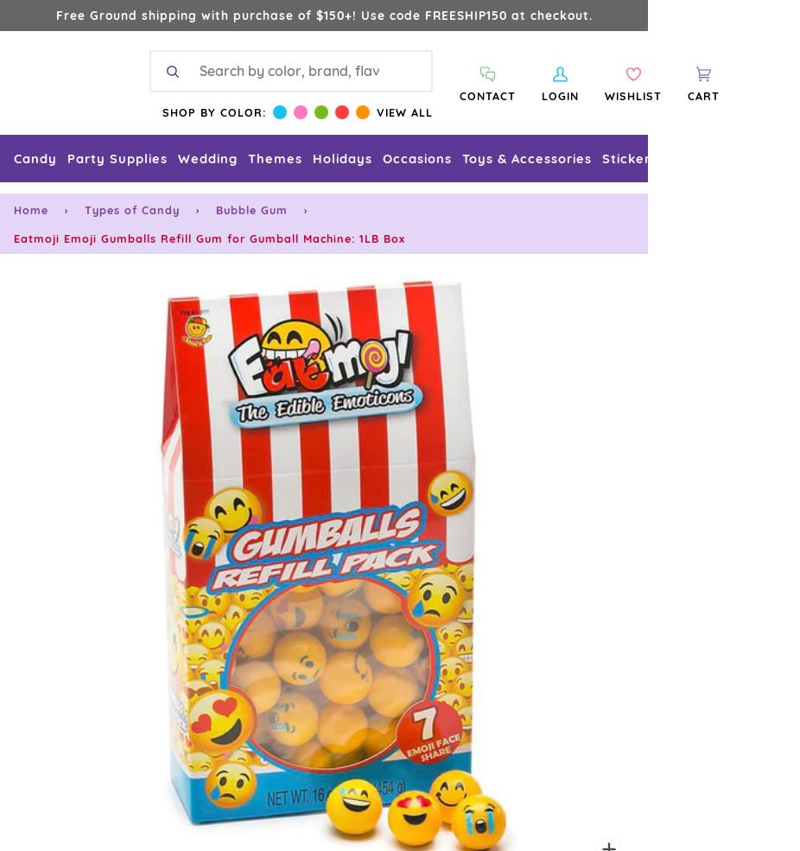  What do you see at coordinates (73, 328) in the screenshot?
I see `'Candy Warehouse'` at bounding box center [73, 328].